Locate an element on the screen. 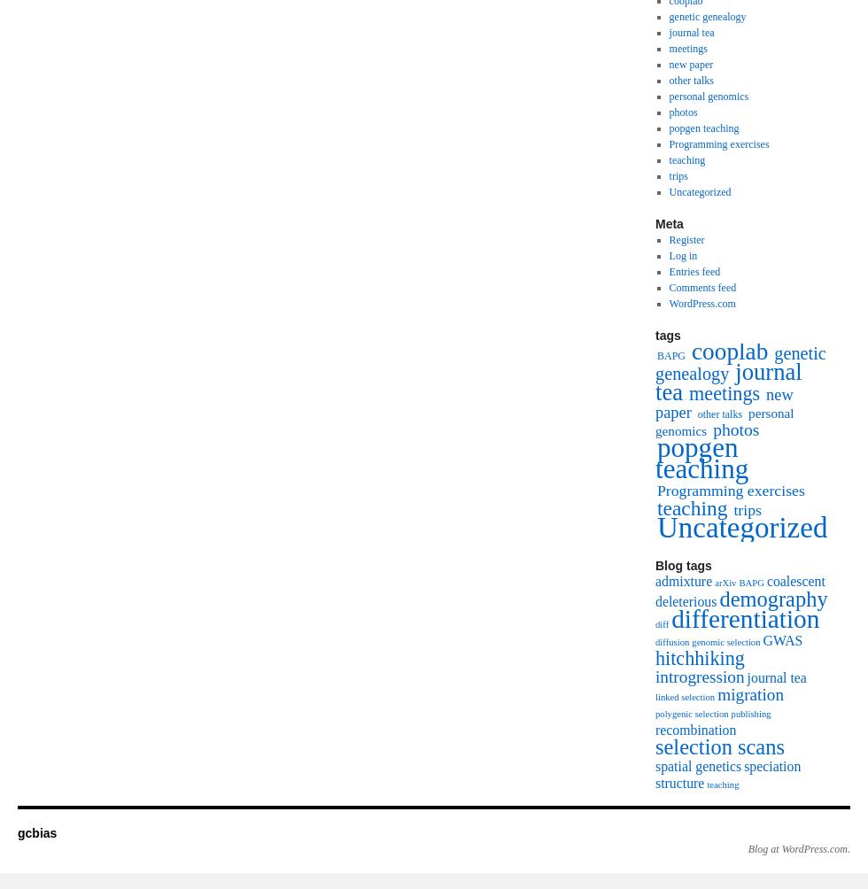  'genomic selection' is located at coordinates (725, 641).